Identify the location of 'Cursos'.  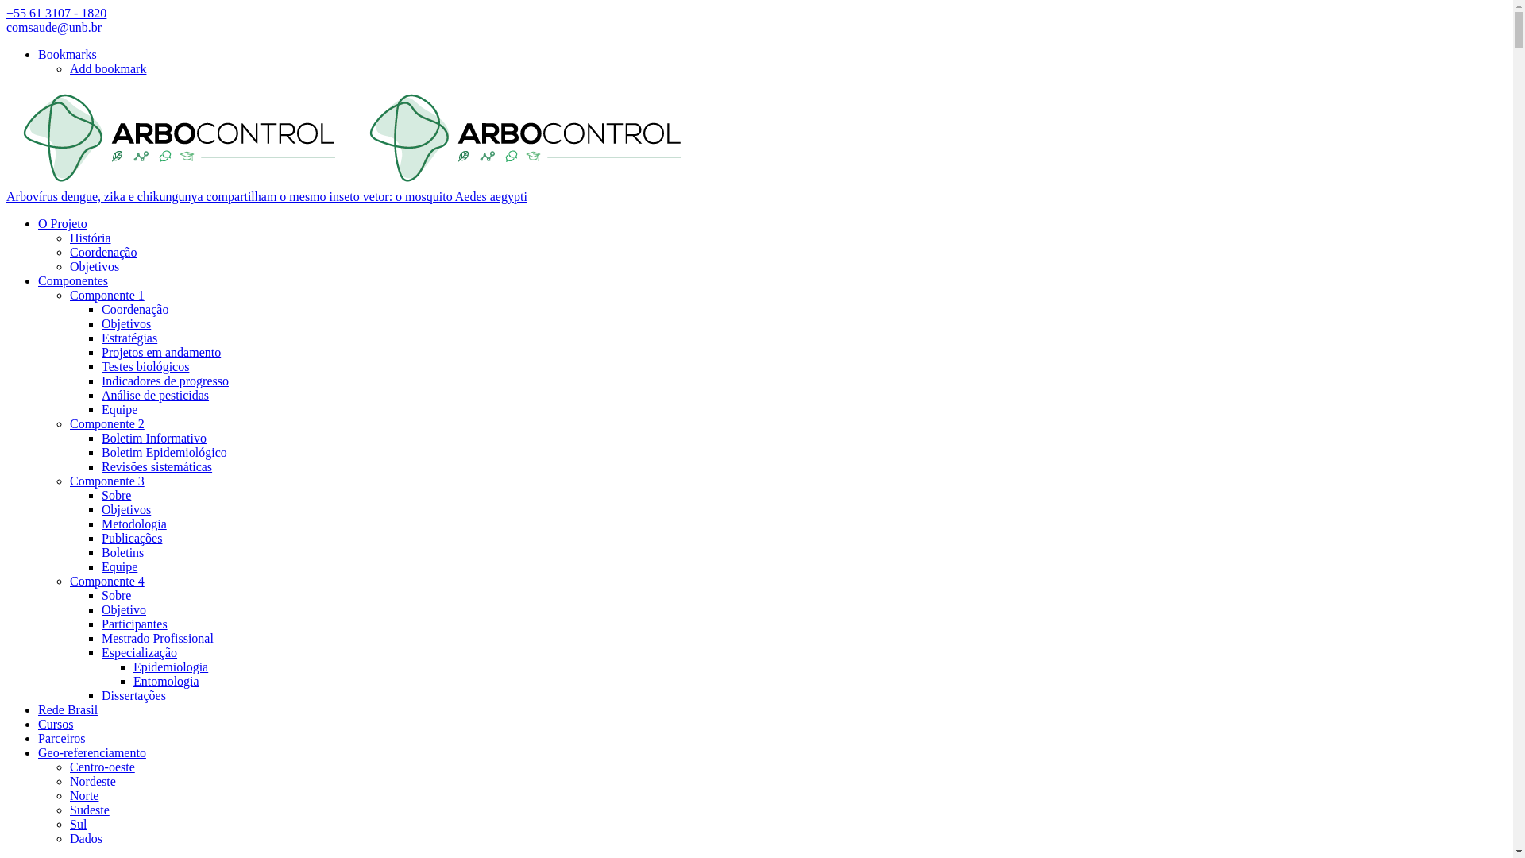
(56, 724).